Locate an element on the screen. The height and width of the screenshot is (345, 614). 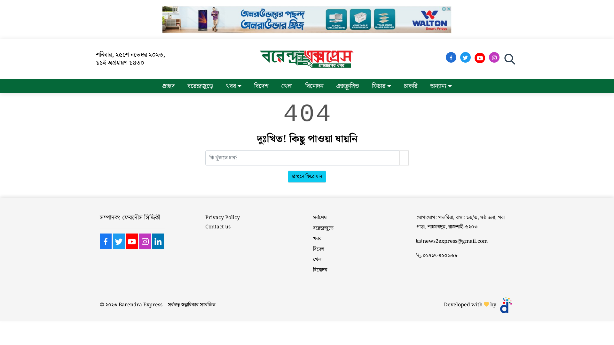
'Barendra Express' is located at coordinates (140, 305).